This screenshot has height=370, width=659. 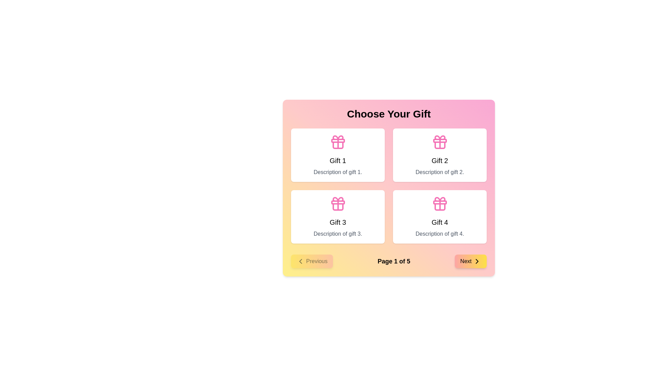 I want to click on the text label displaying 'Gift 4', which is located at the bottom-right corner of the fourth card in a 2x2 grid layout, so click(x=440, y=222).